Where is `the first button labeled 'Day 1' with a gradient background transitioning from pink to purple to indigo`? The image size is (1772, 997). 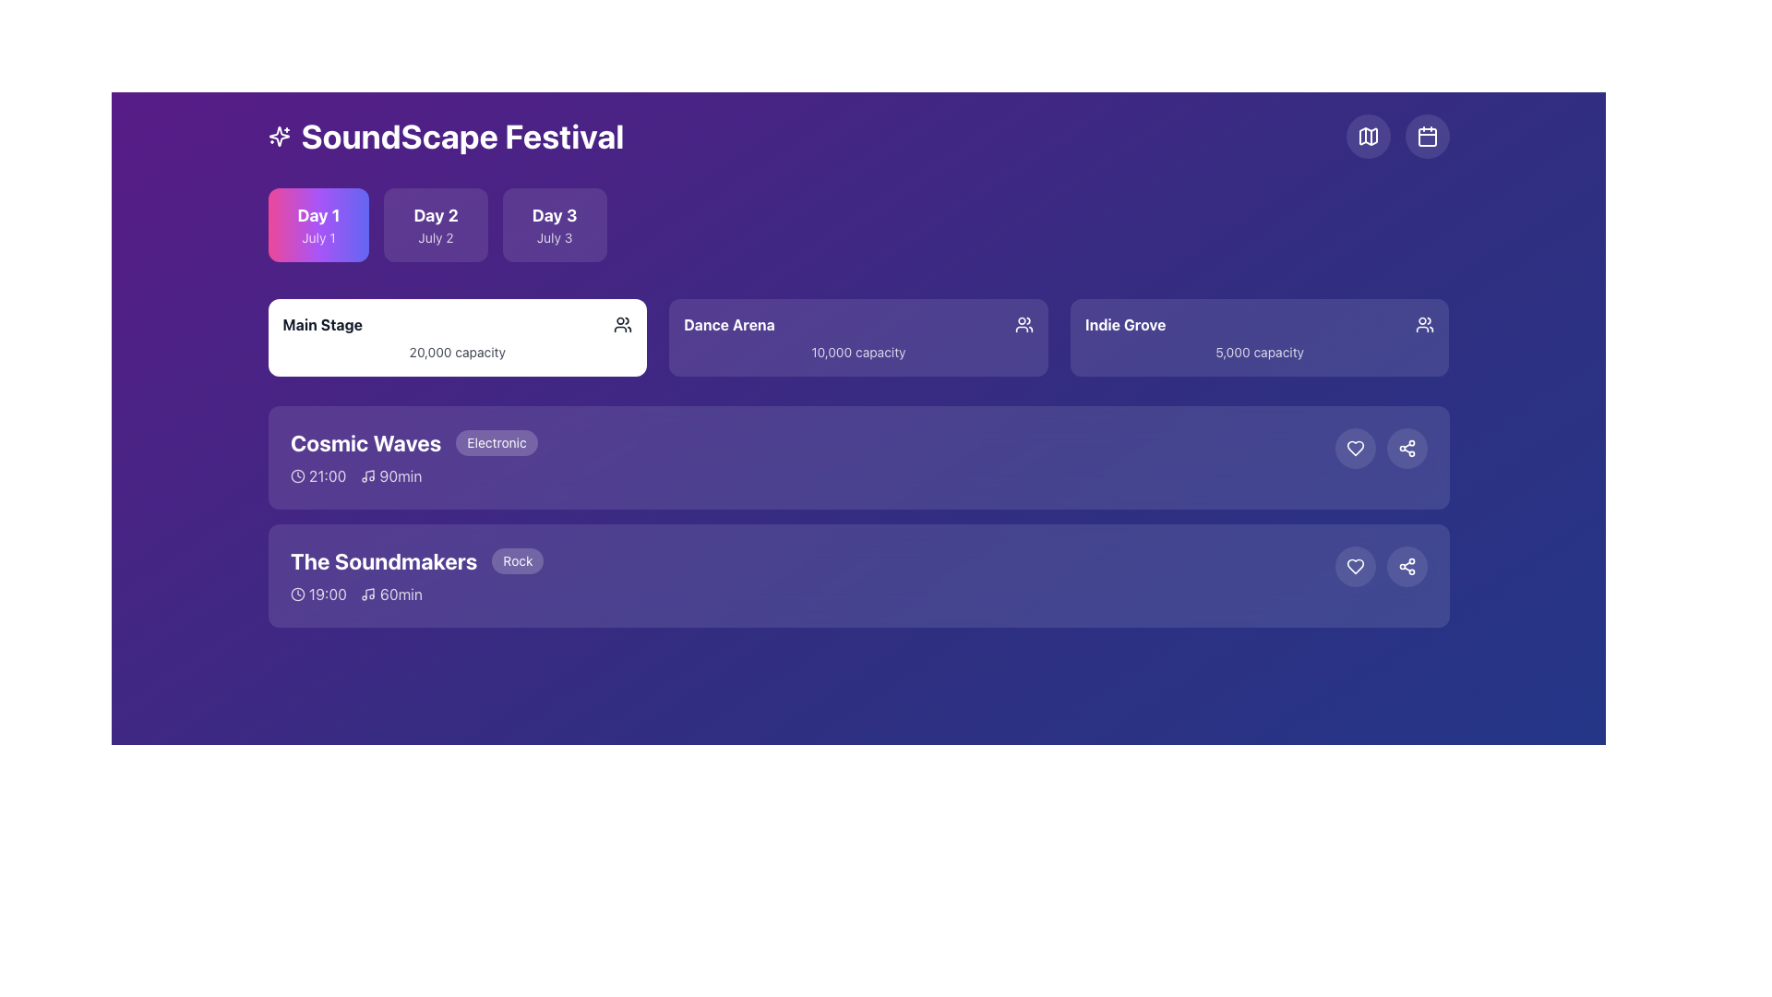 the first button labeled 'Day 1' with a gradient background transitioning from pink to purple to indigo is located at coordinates (318, 223).